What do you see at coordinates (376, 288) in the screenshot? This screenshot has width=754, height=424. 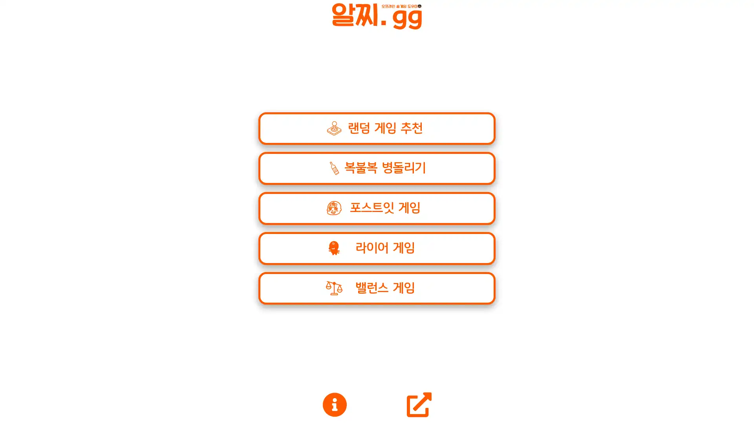 I see `bottle` at bounding box center [376, 288].